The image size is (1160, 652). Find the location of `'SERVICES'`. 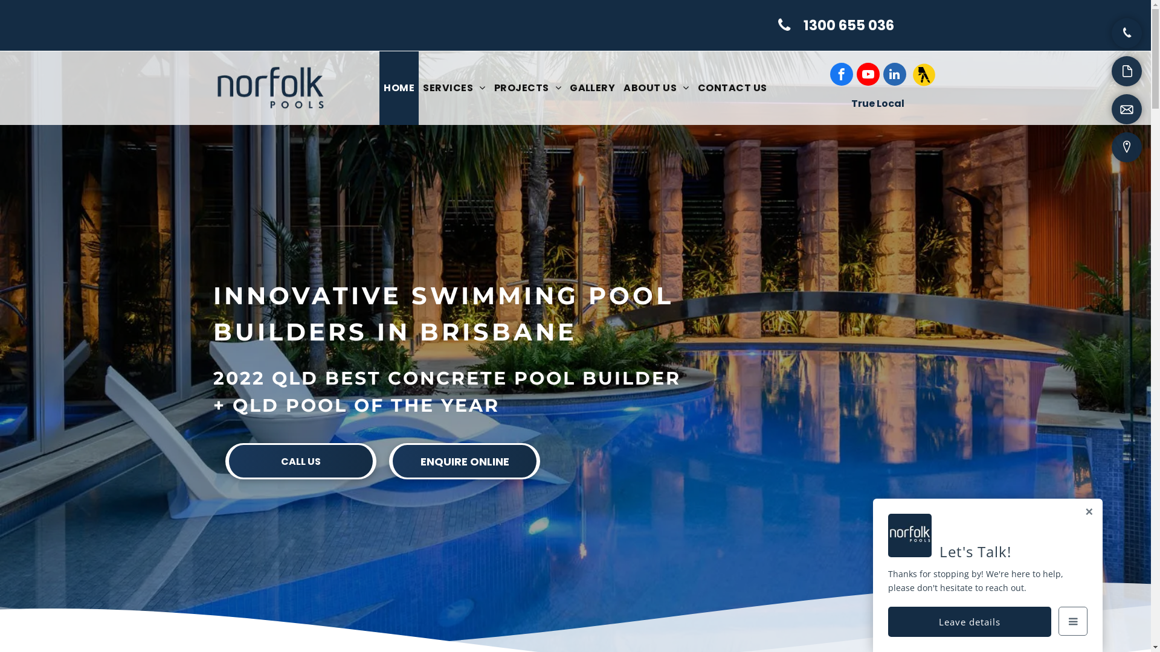

'SERVICES' is located at coordinates (453, 88).